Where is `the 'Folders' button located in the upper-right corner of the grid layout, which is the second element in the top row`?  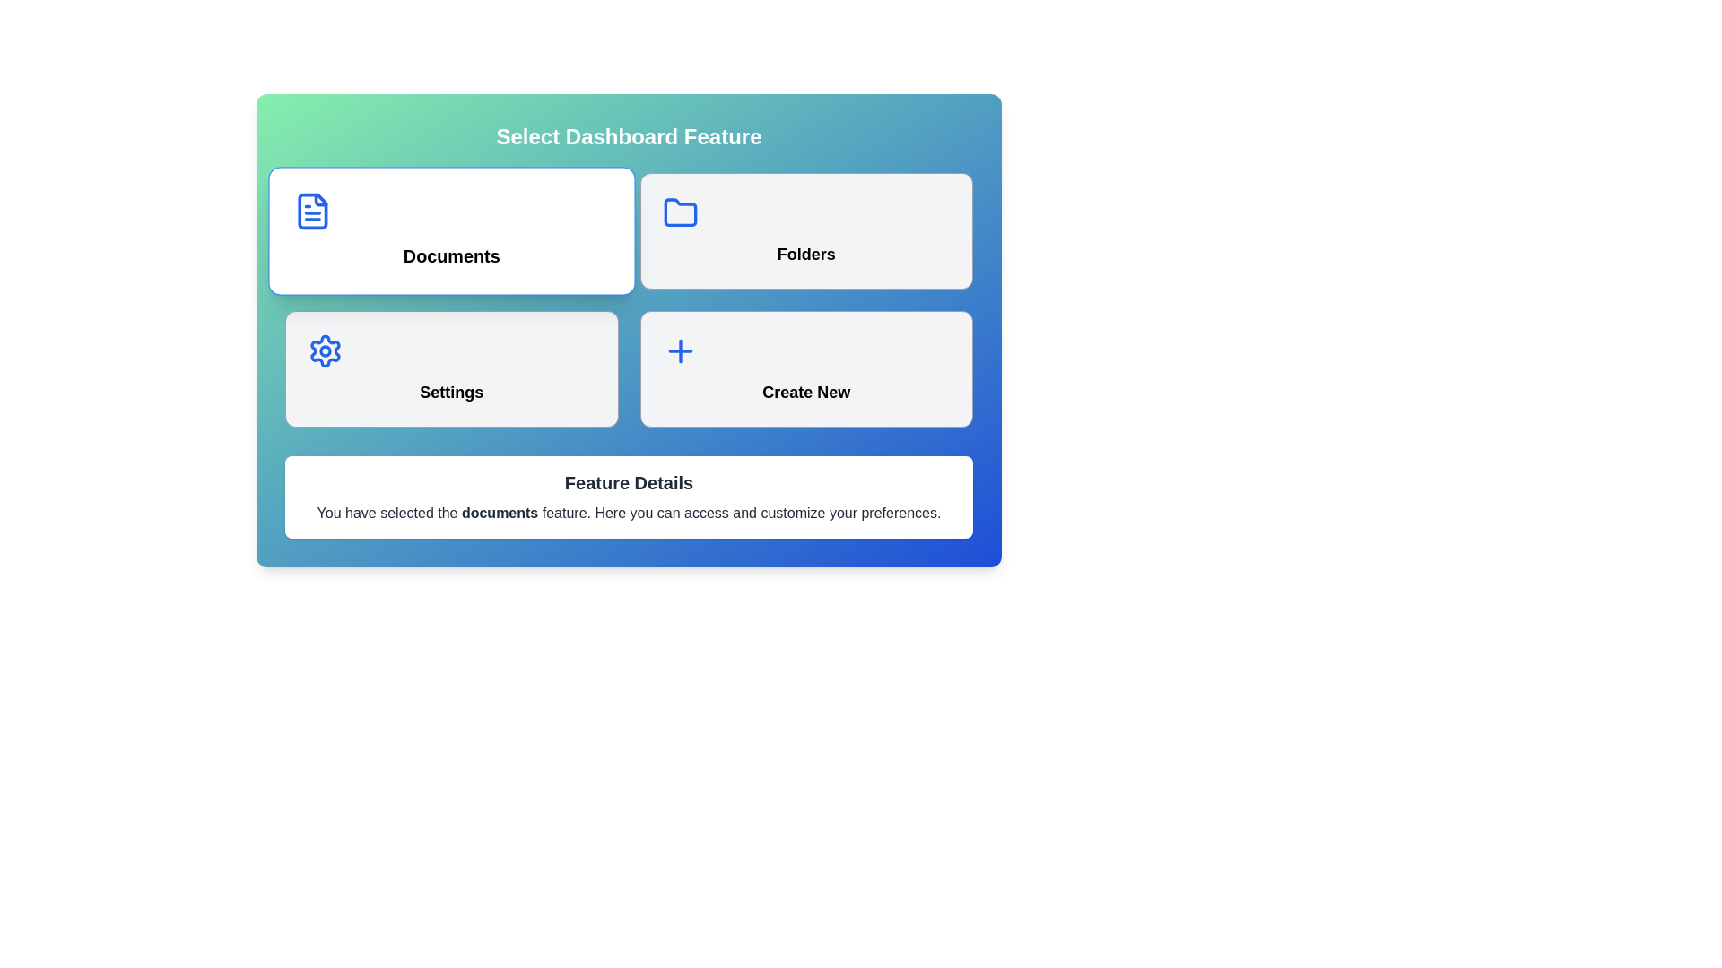 the 'Folders' button located in the upper-right corner of the grid layout, which is the second element in the top row is located at coordinates (805, 230).